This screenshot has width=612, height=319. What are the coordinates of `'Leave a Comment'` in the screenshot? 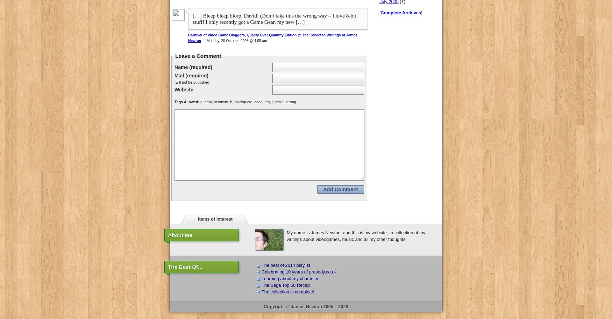 It's located at (175, 56).